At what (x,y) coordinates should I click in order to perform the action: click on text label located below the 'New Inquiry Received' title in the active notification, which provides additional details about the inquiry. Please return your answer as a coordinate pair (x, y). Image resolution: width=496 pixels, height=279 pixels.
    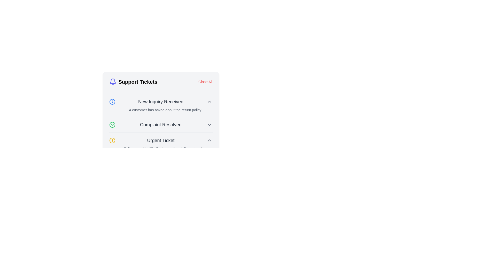
    Looking at the image, I should click on (165, 110).